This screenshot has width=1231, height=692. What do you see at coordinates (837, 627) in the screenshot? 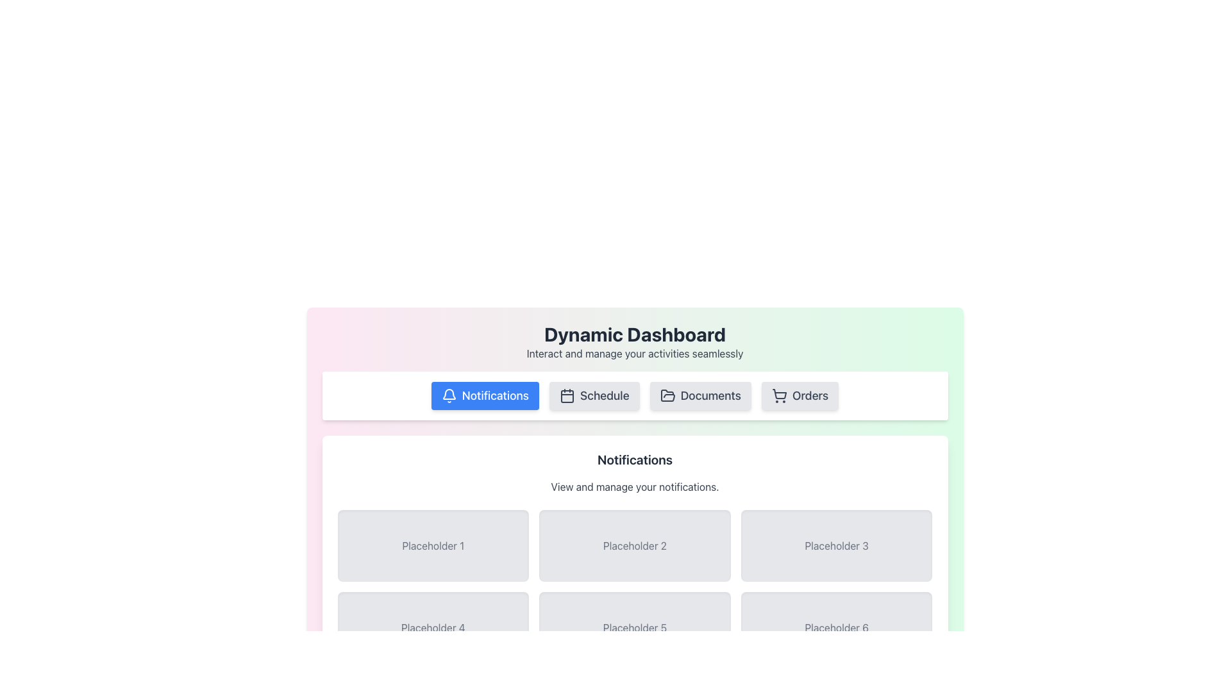
I see `the text label displaying 'Placeholder 6' which is located in the bottom-right cell of a 2x3 grid of placeholders` at bounding box center [837, 627].